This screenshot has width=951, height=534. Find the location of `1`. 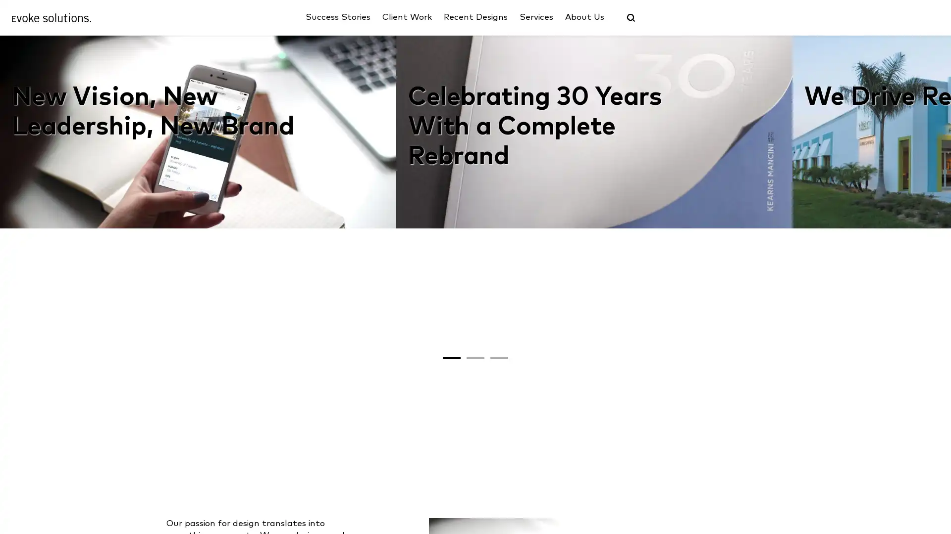

1 is located at coordinates (451, 486).